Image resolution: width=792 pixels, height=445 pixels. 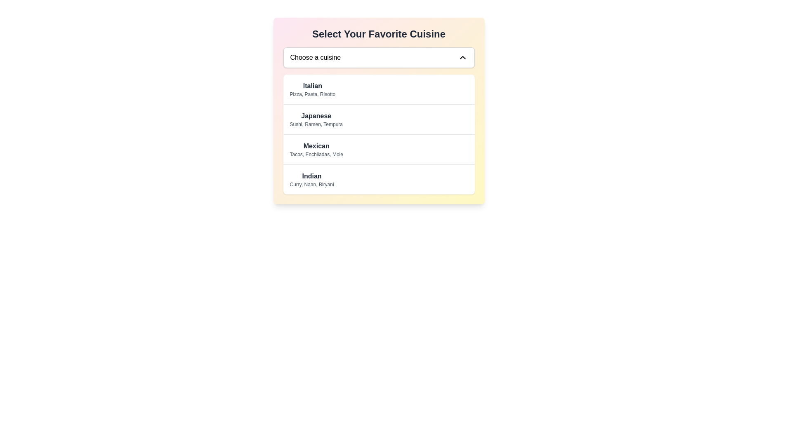 I want to click on the list item displaying 'Indian', so click(x=378, y=179).